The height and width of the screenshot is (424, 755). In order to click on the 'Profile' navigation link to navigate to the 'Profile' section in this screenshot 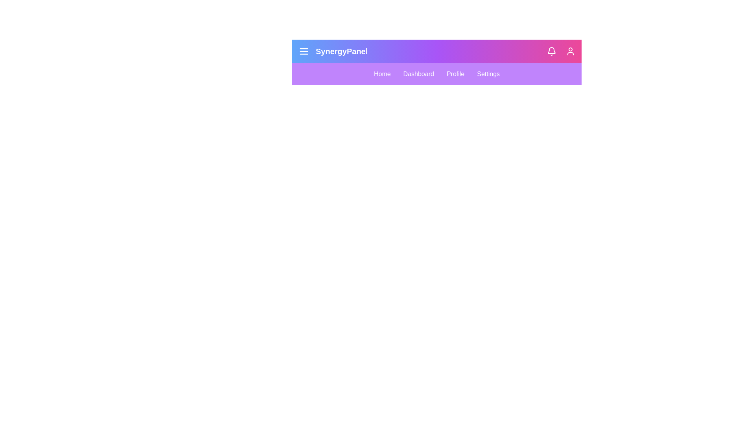, I will do `click(455, 74)`.